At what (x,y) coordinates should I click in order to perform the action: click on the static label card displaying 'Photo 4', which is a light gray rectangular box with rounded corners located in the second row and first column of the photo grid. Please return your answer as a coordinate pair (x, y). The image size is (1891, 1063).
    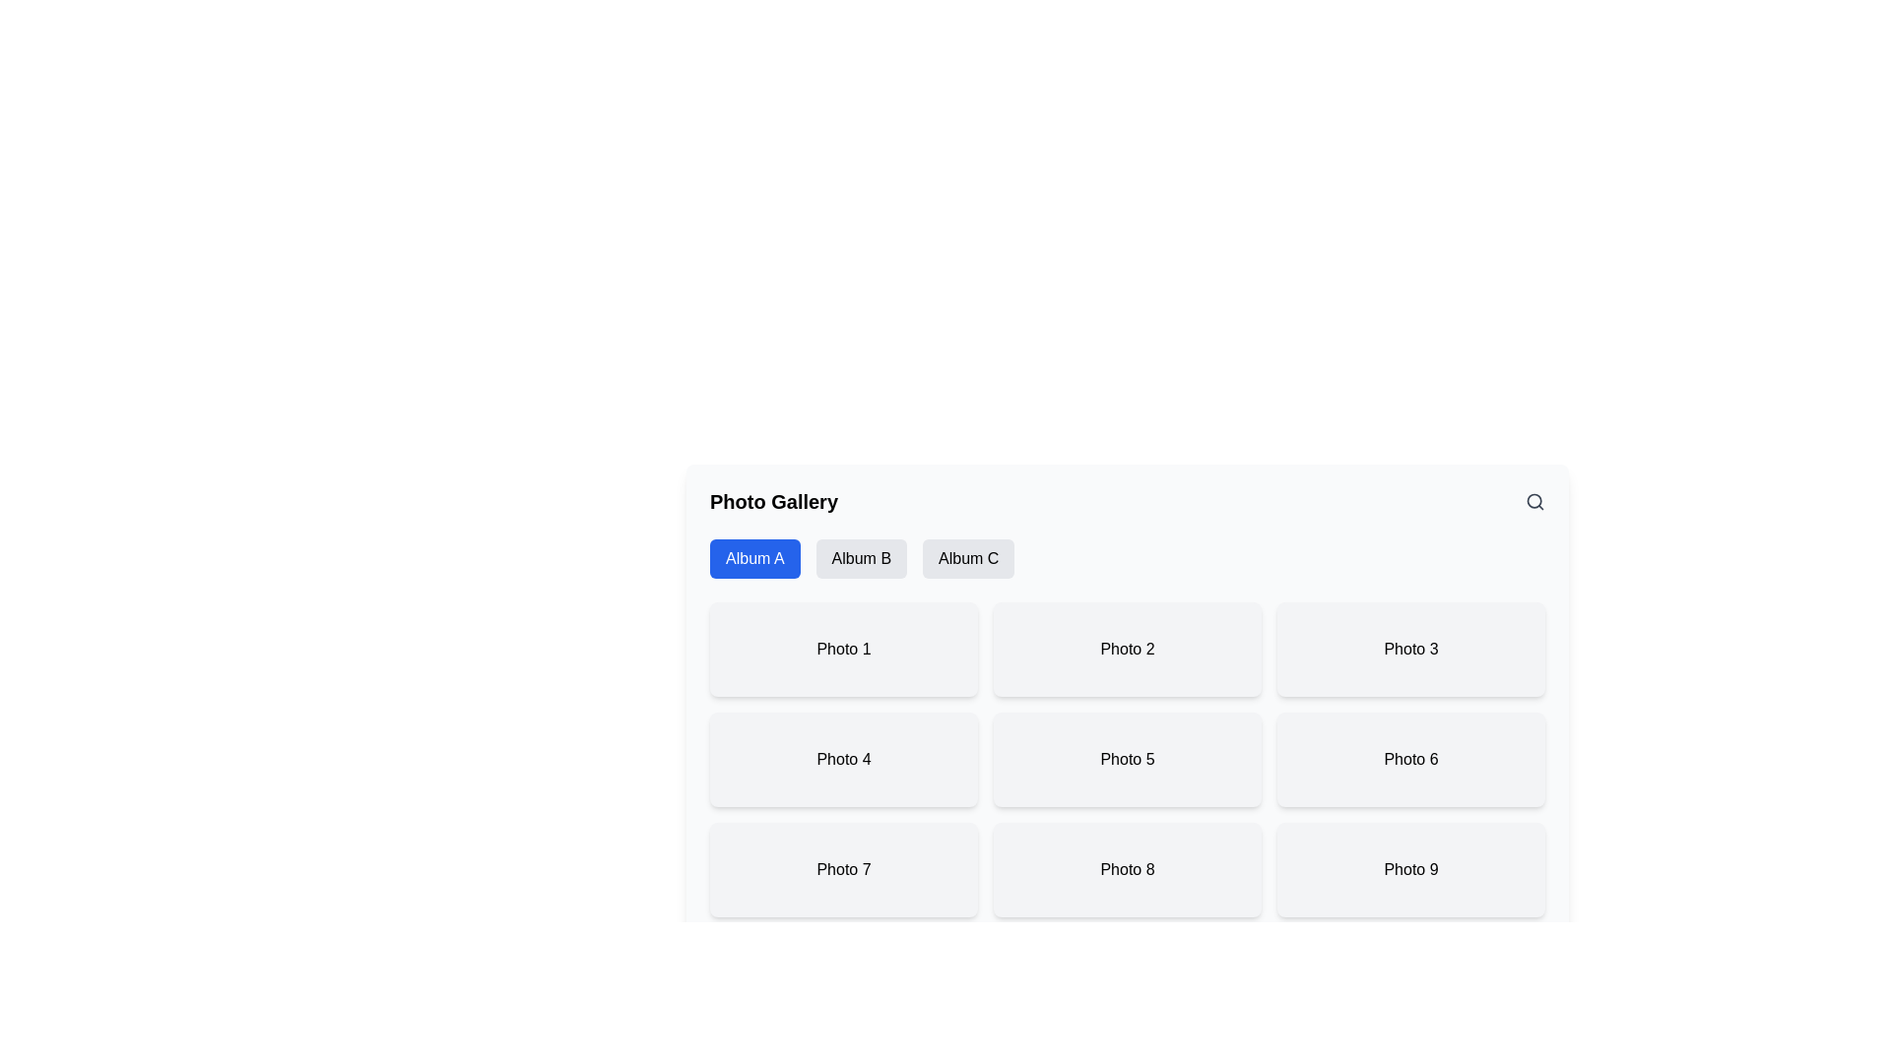
    Looking at the image, I should click on (844, 758).